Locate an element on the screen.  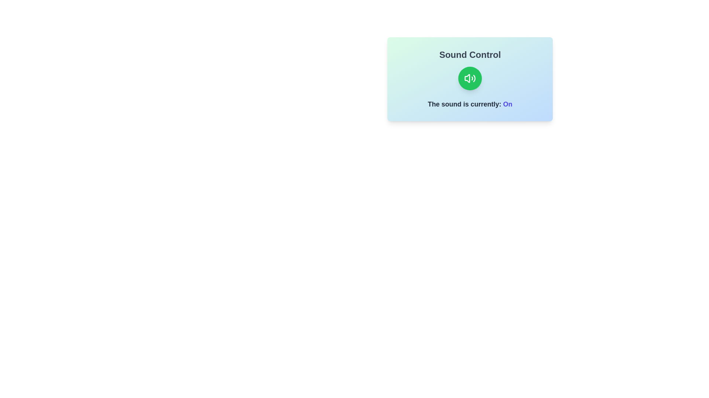
the sound toggle button to change the sound state is located at coordinates (469, 78).